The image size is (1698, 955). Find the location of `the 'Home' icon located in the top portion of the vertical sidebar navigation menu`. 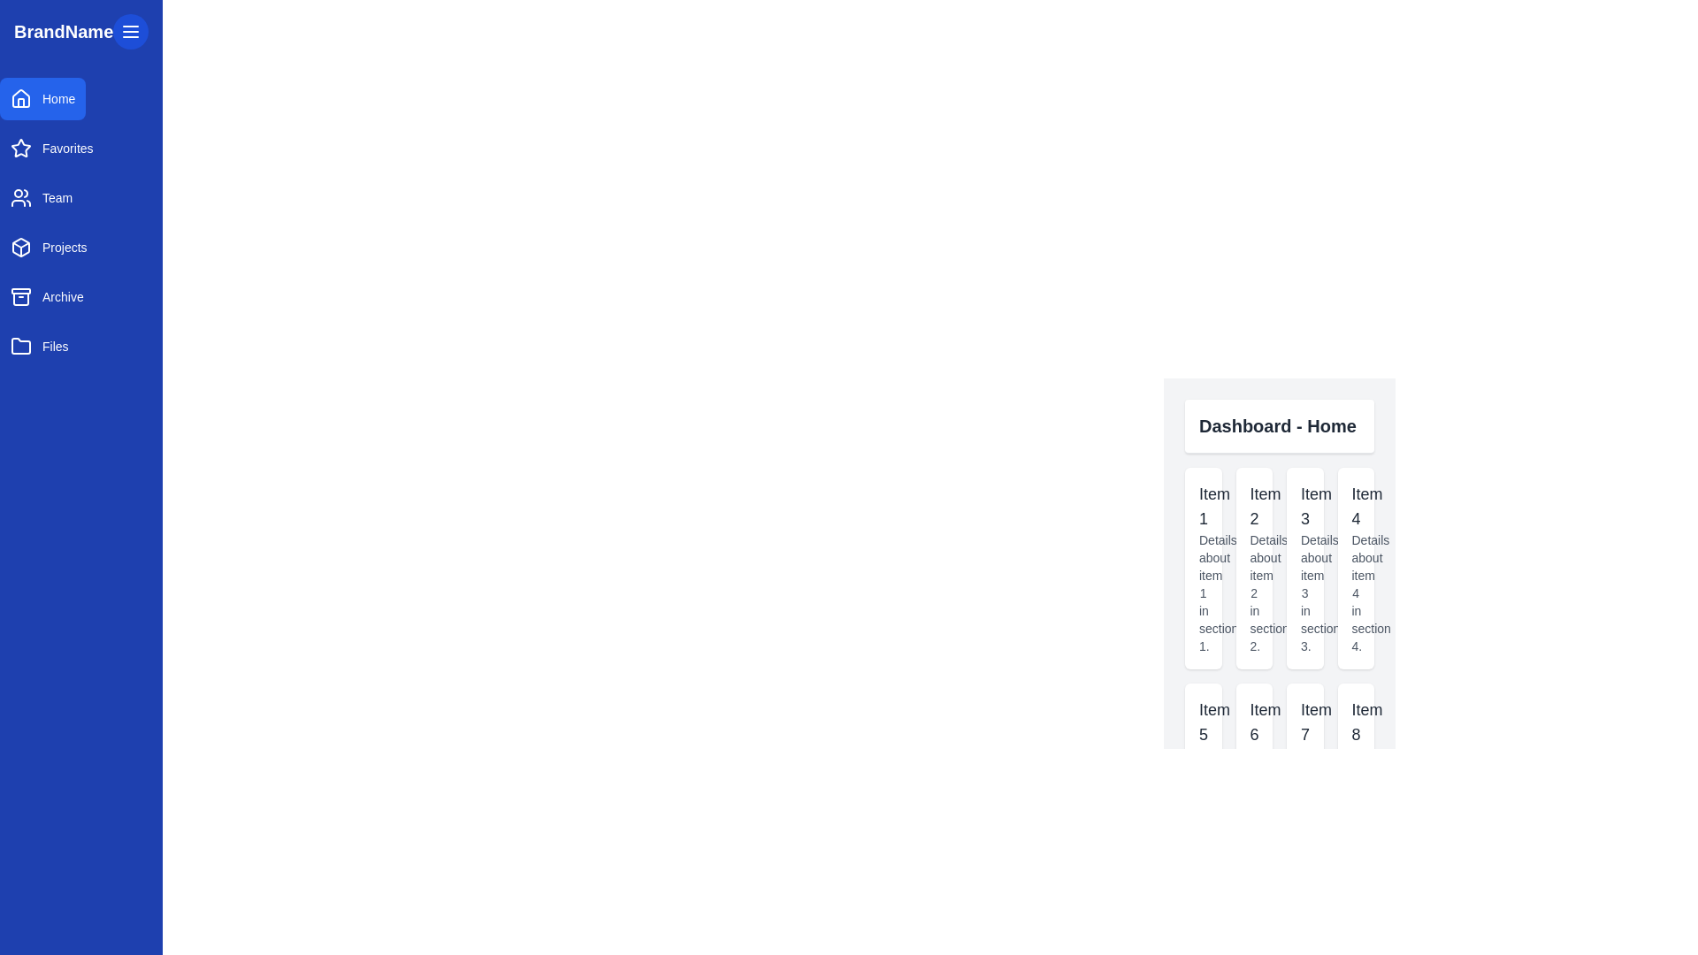

the 'Home' icon located in the top portion of the vertical sidebar navigation menu is located at coordinates (21, 98).